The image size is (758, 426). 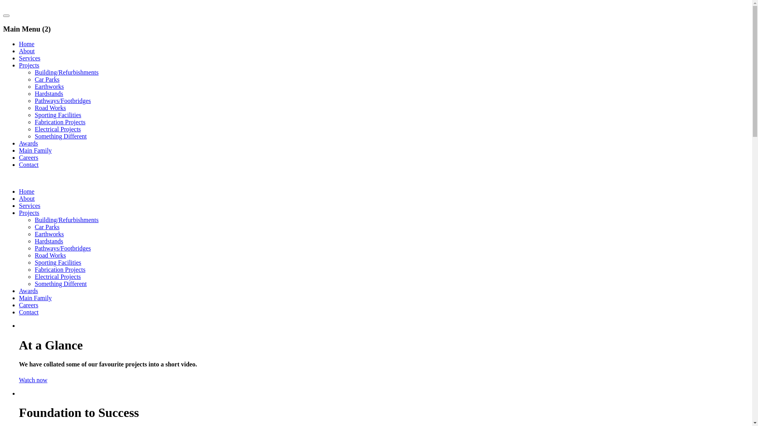 What do you see at coordinates (35, 298) in the screenshot?
I see `'Main Family'` at bounding box center [35, 298].